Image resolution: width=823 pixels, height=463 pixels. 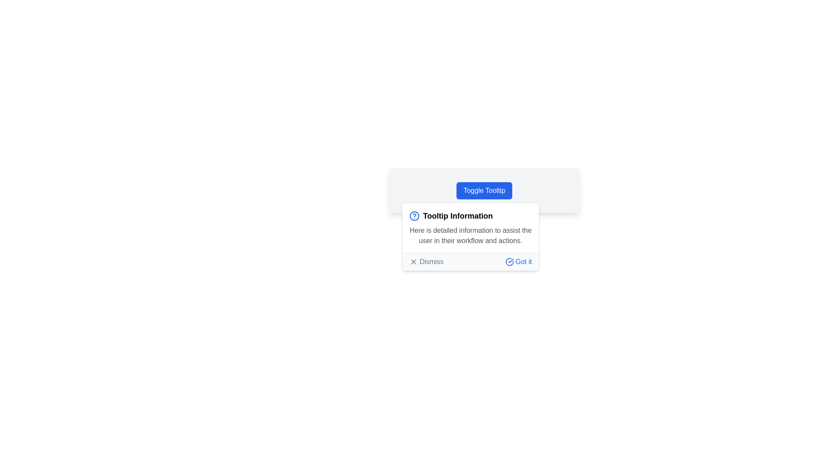 What do you see at coordinates (509, 261) in the screenshot?
I see `the icon indicating a completed action, located to the left of the 'Got it' text in the tooltip dialog box` at bounding box center [509, 261].